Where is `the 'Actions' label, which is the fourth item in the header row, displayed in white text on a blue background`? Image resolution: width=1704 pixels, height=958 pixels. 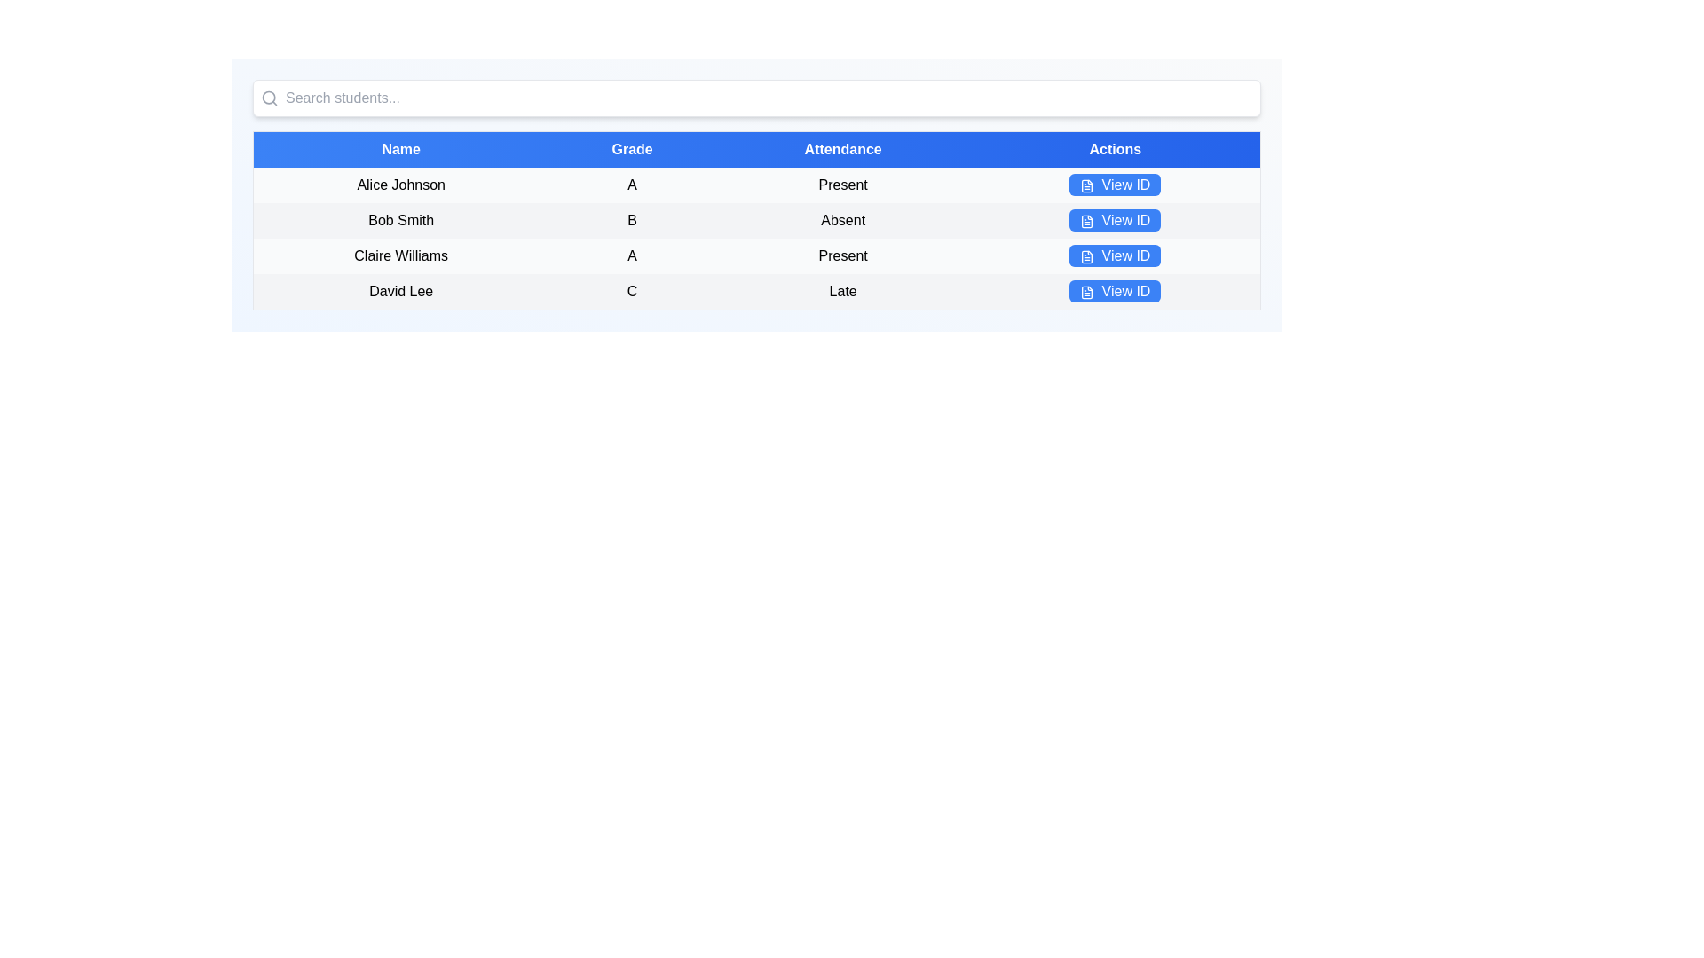
the 'Actions' label, which is the fourth item in the header row, displayed in white text on a blue background is located at coordinates (1115, 148).